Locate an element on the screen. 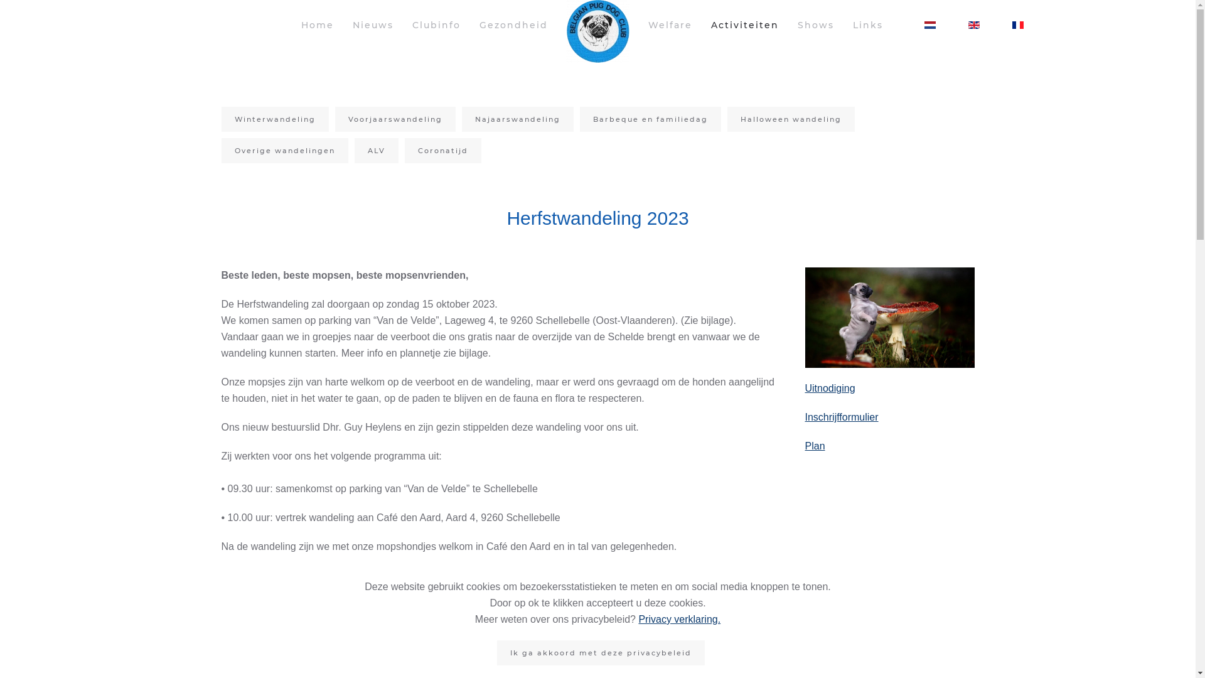 The image size is (1205, 678). 'Nieuws' is located at coordinates (372, 24).